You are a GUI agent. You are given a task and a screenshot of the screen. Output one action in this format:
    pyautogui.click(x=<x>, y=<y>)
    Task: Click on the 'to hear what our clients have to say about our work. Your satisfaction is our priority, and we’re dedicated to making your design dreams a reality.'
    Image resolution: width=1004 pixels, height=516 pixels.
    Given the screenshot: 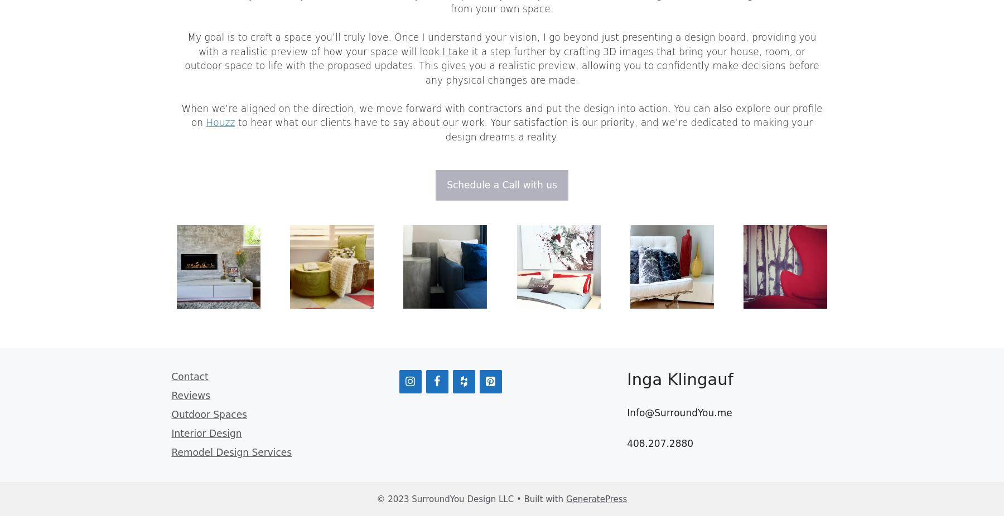 What is the action you would take?
    pyautogui.click(x=235, y=129)
    